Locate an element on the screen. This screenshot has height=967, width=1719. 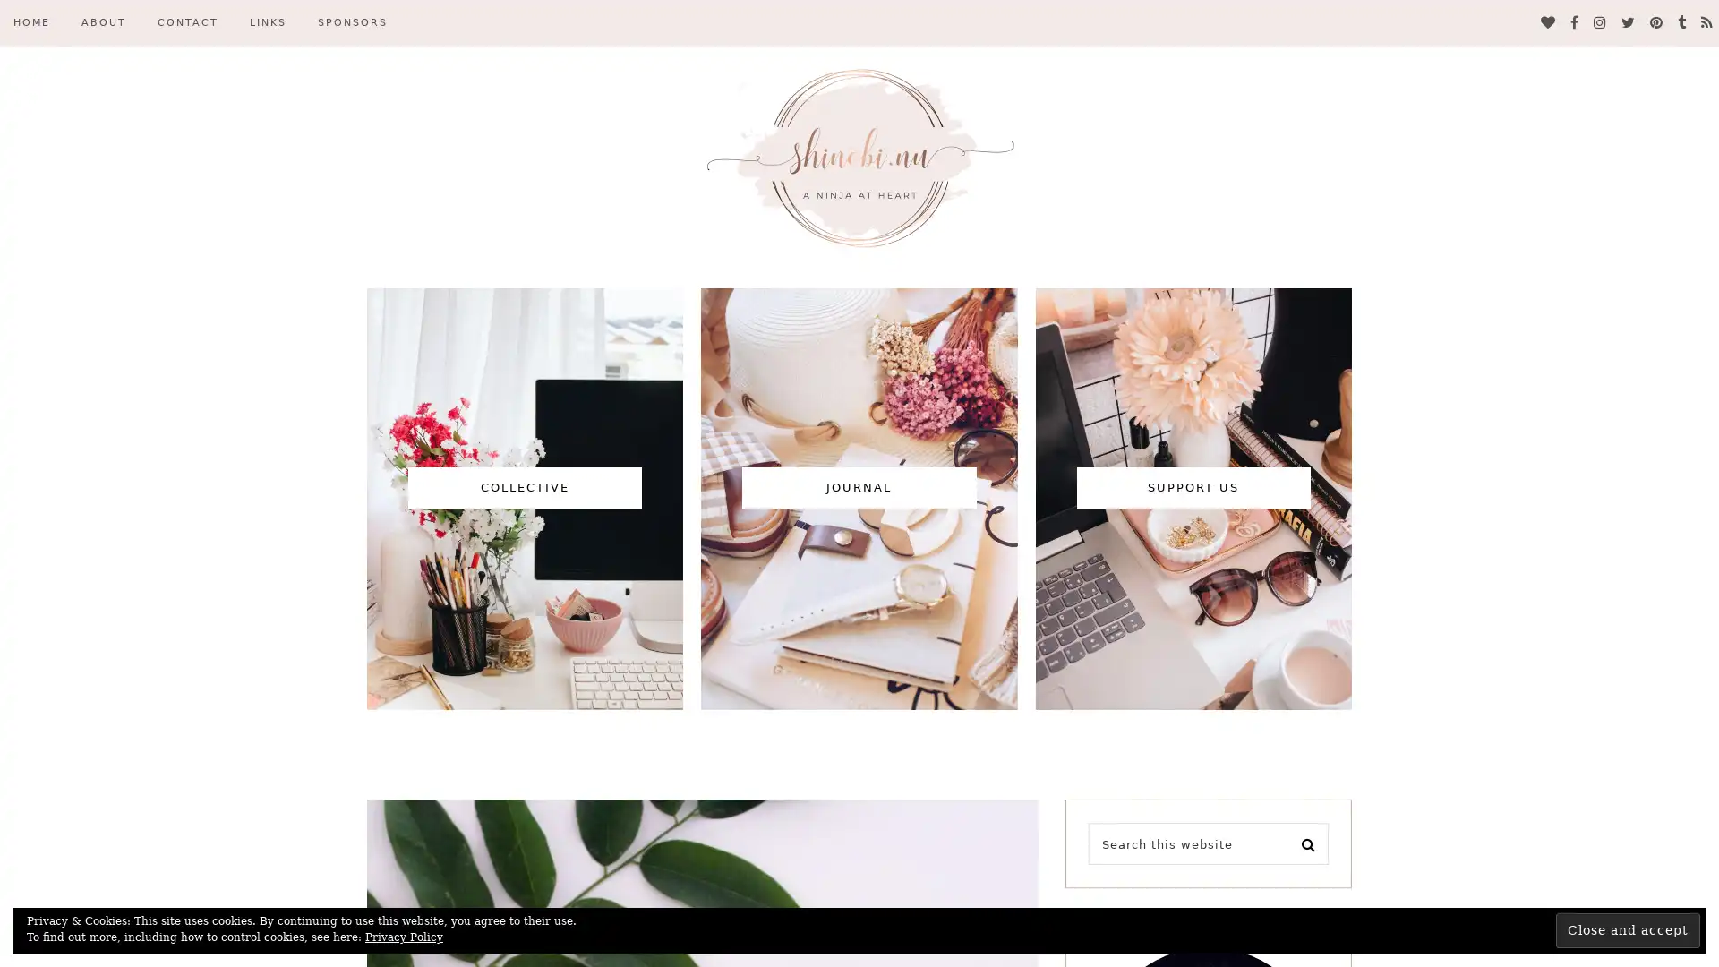
Close and accept is located at coordinates (1628, 929).